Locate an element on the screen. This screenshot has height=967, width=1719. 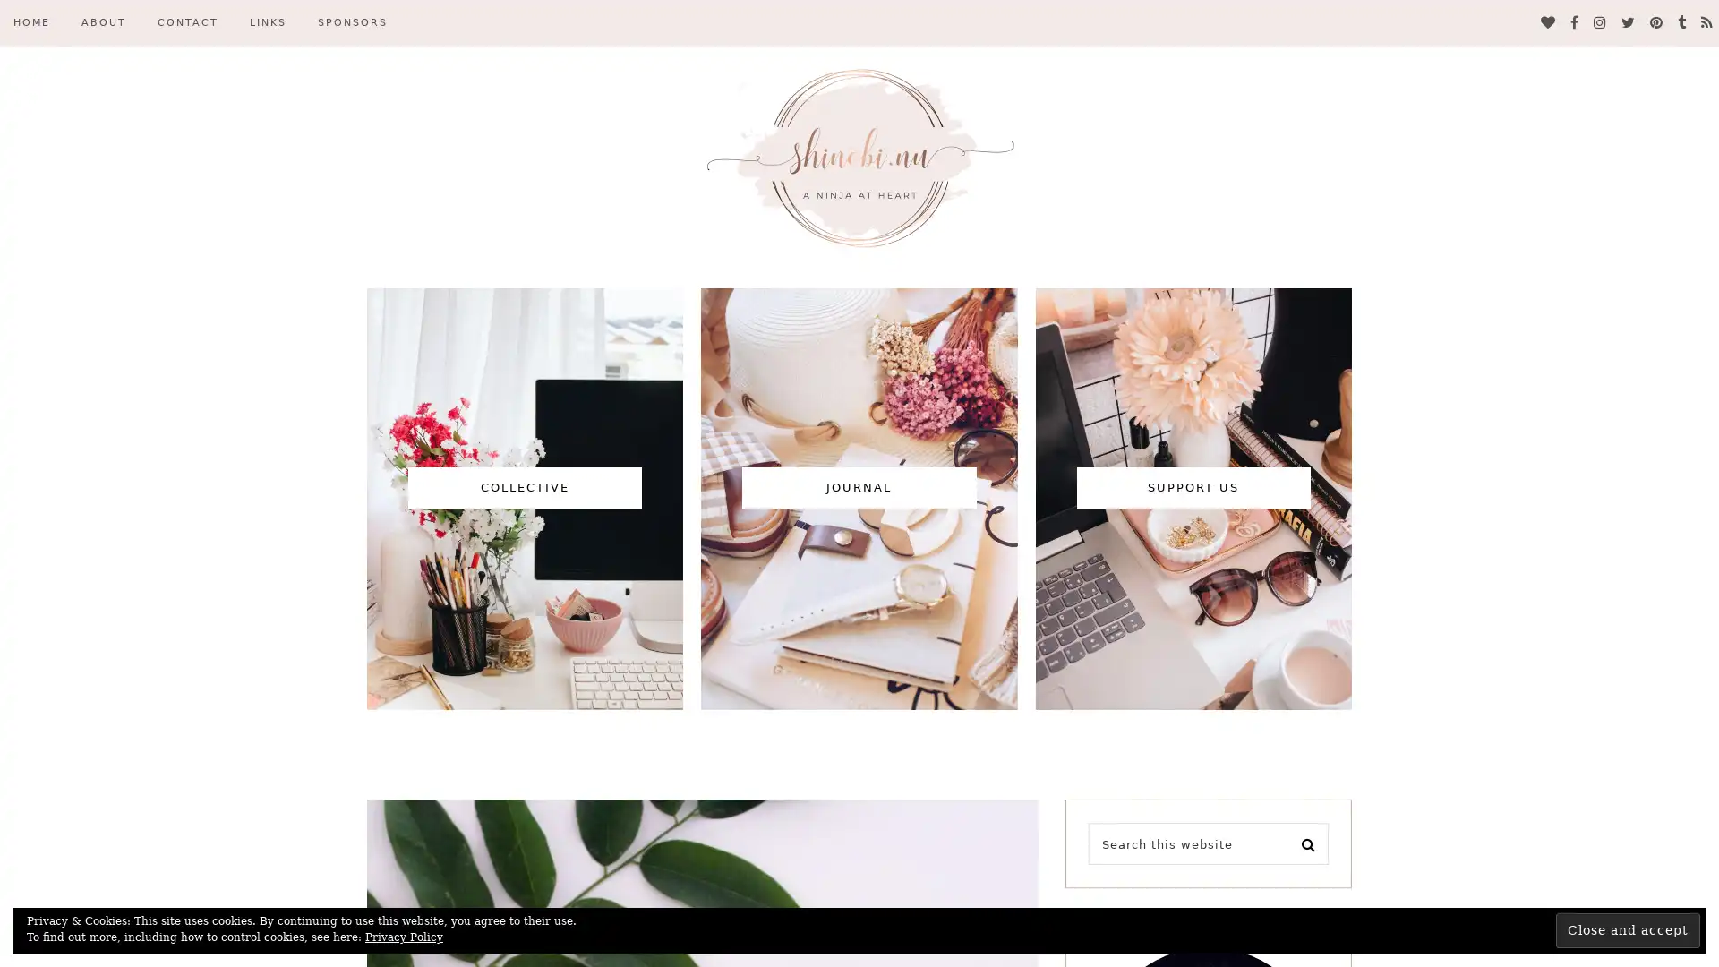
Close and accept is located at coordinates (1628, 929).